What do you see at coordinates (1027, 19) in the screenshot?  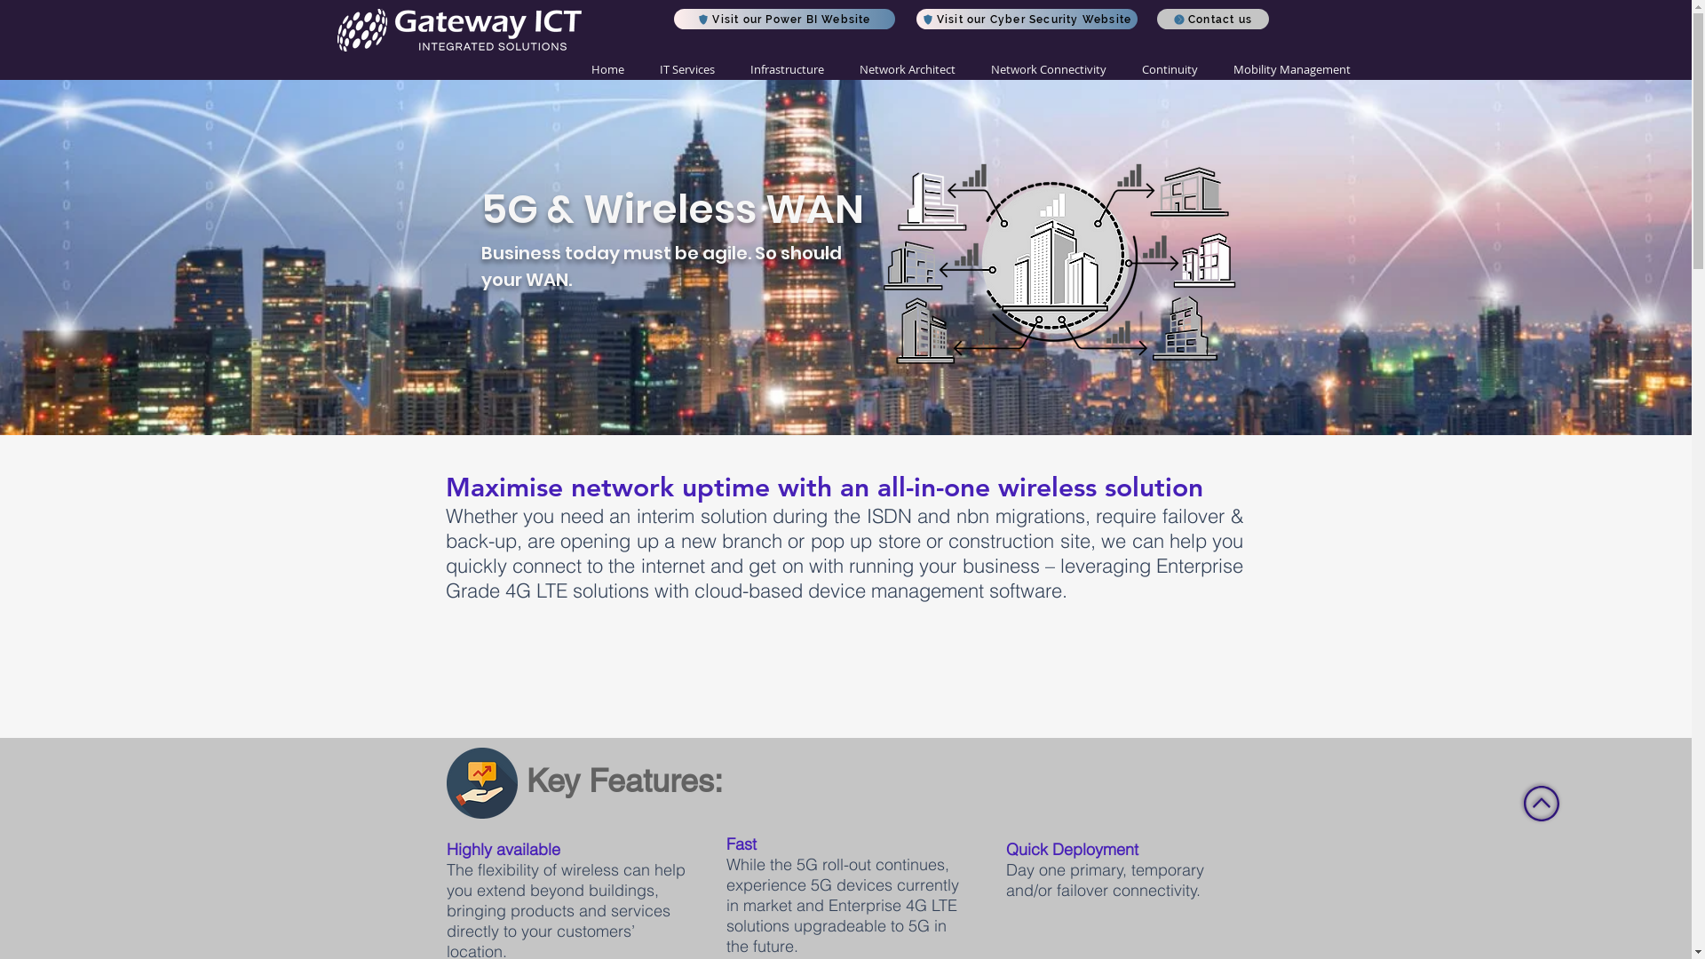 I see `'Visit our Cyber Security Website'` at bounding box center [1027, 19].